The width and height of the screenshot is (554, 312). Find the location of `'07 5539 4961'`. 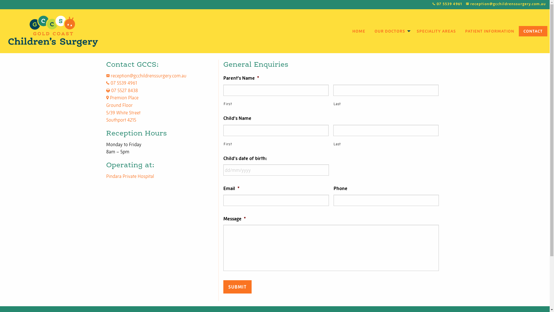

'07 5539 4961' is located at coordinates (432, 4).